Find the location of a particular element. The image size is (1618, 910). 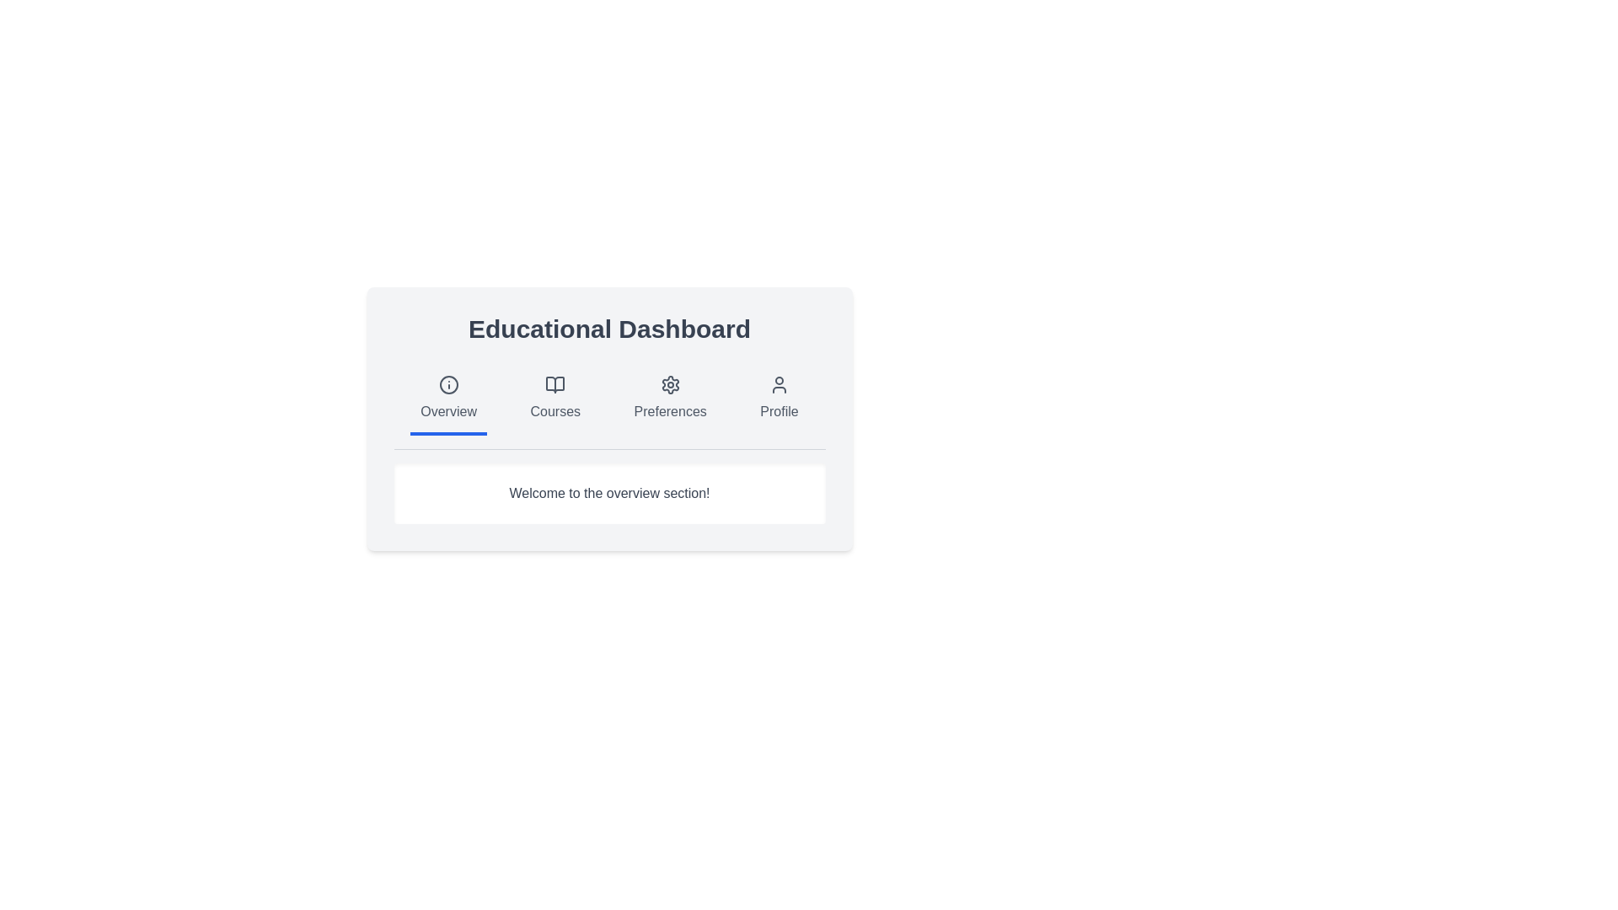

the cogwheel-shaped settings icon is located at coordinates (669, 384).